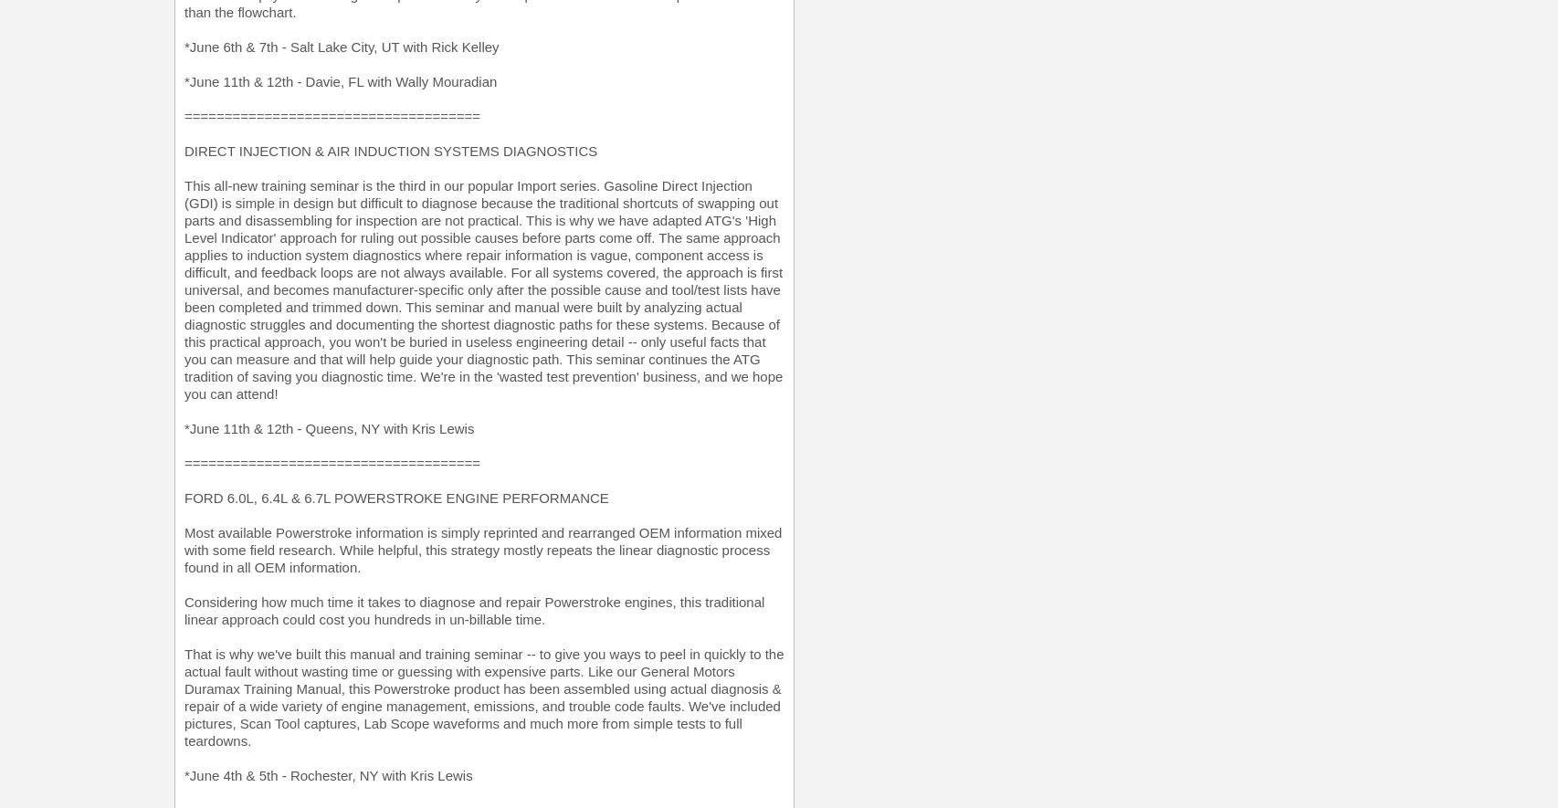 The width and height of the screenshot is (1558, 808). I want to click on 'Considering how much time it takes to diagnose and repair
Powerstroke engines, this traditional linear approach could
cost you hundreds in un-billable time.', so click(473, 610).